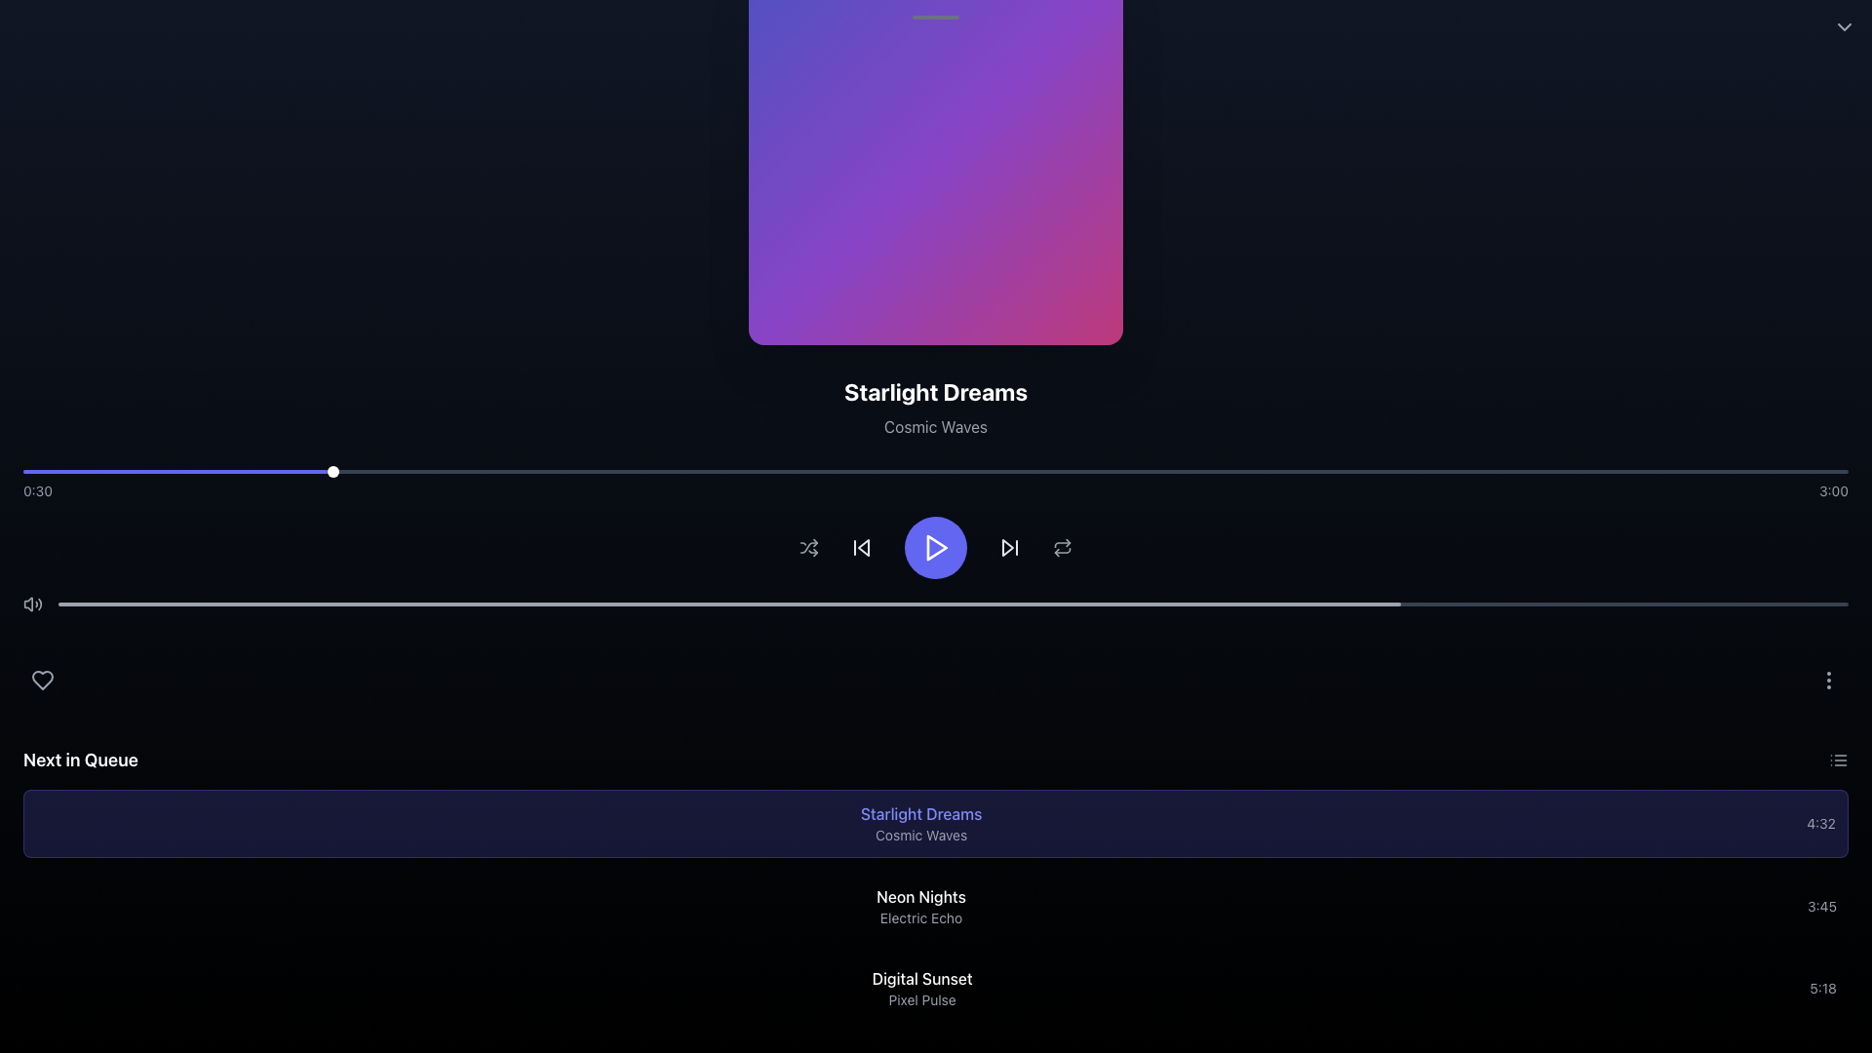  Describe the element at coordinates (42, 680) in the screenshot. I see `the 'like' or 'favorite' button located at the bottom left corner of the interface to favorite the item` at that location.